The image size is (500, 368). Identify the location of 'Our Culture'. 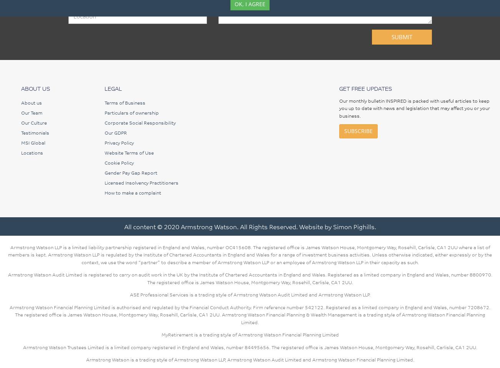
(34, 122).